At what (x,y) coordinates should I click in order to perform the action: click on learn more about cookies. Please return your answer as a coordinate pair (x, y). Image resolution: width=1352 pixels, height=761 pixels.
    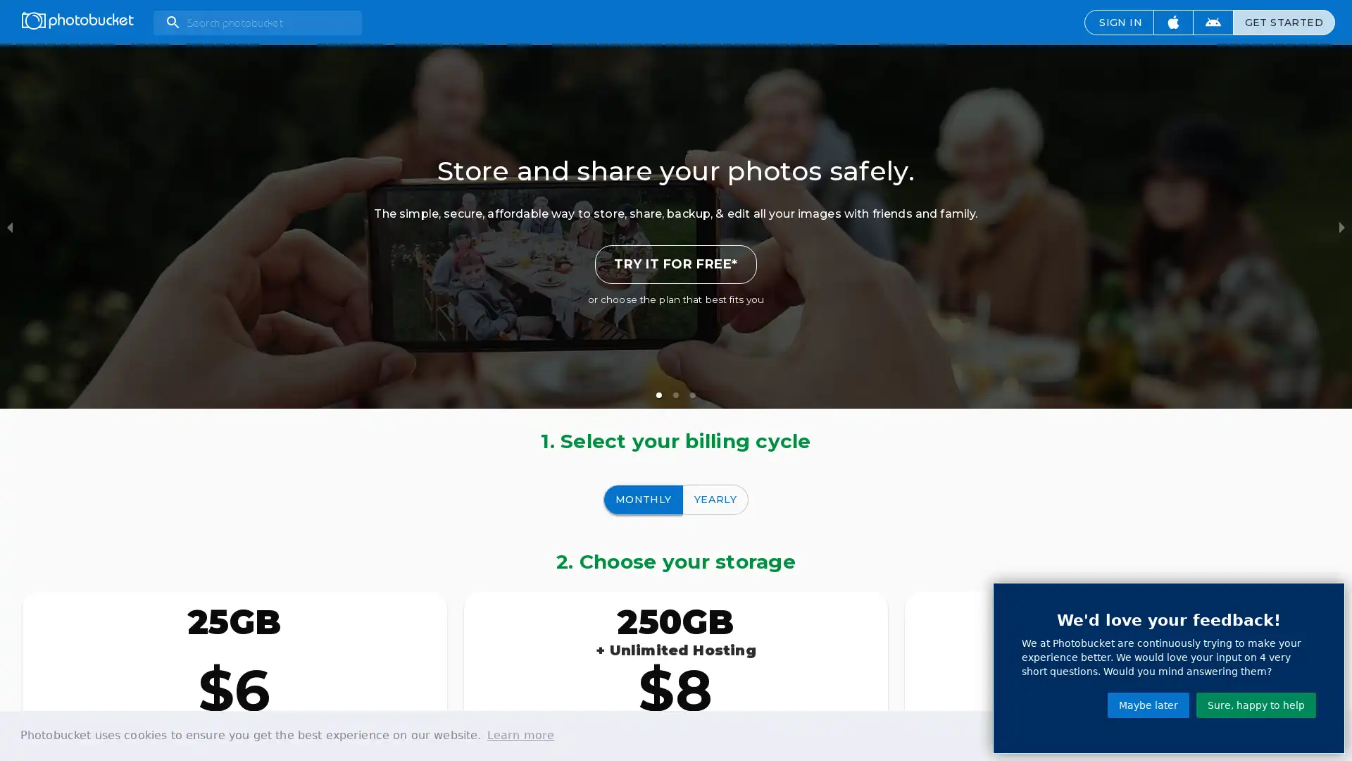
    Looking at the image, I should click on (520, 735).